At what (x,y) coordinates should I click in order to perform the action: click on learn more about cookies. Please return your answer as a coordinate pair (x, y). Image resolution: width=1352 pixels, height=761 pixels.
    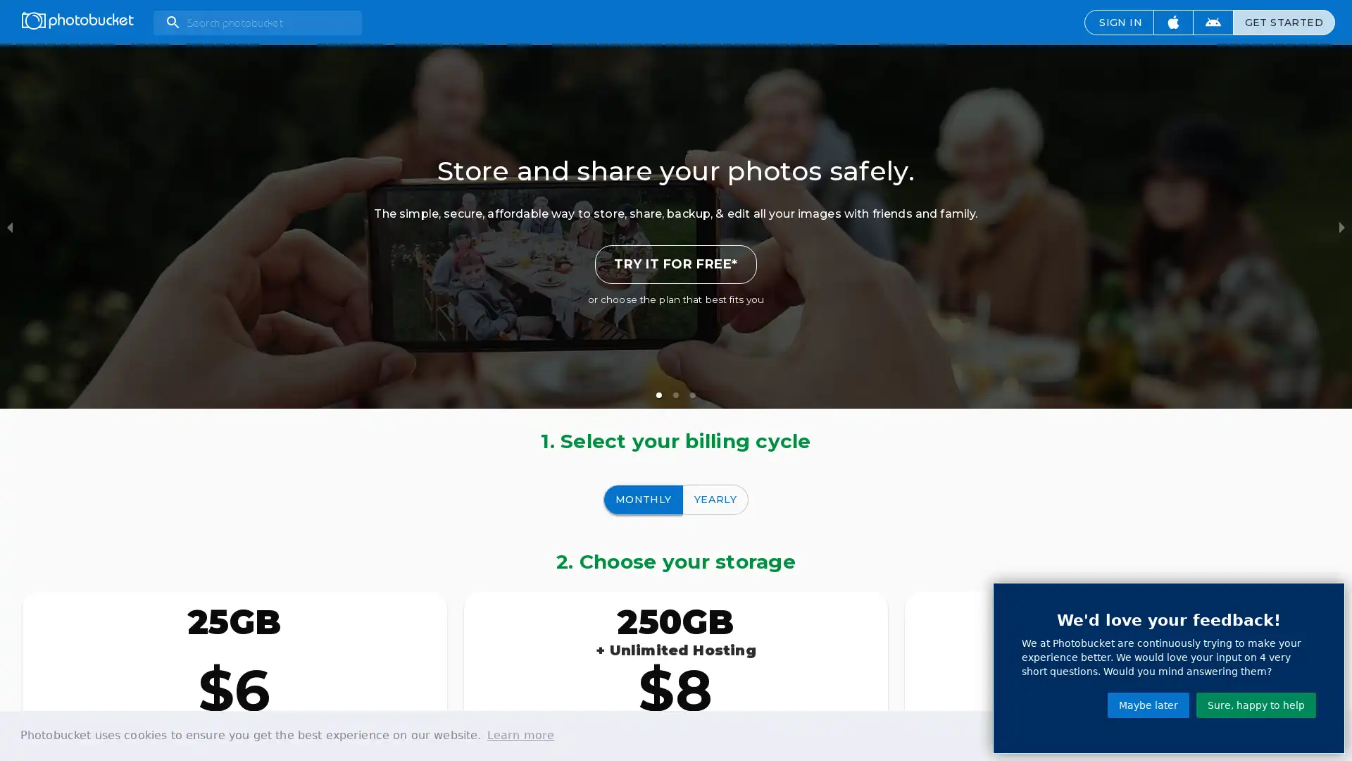
    Looking at the image, I should click on (520, 735).